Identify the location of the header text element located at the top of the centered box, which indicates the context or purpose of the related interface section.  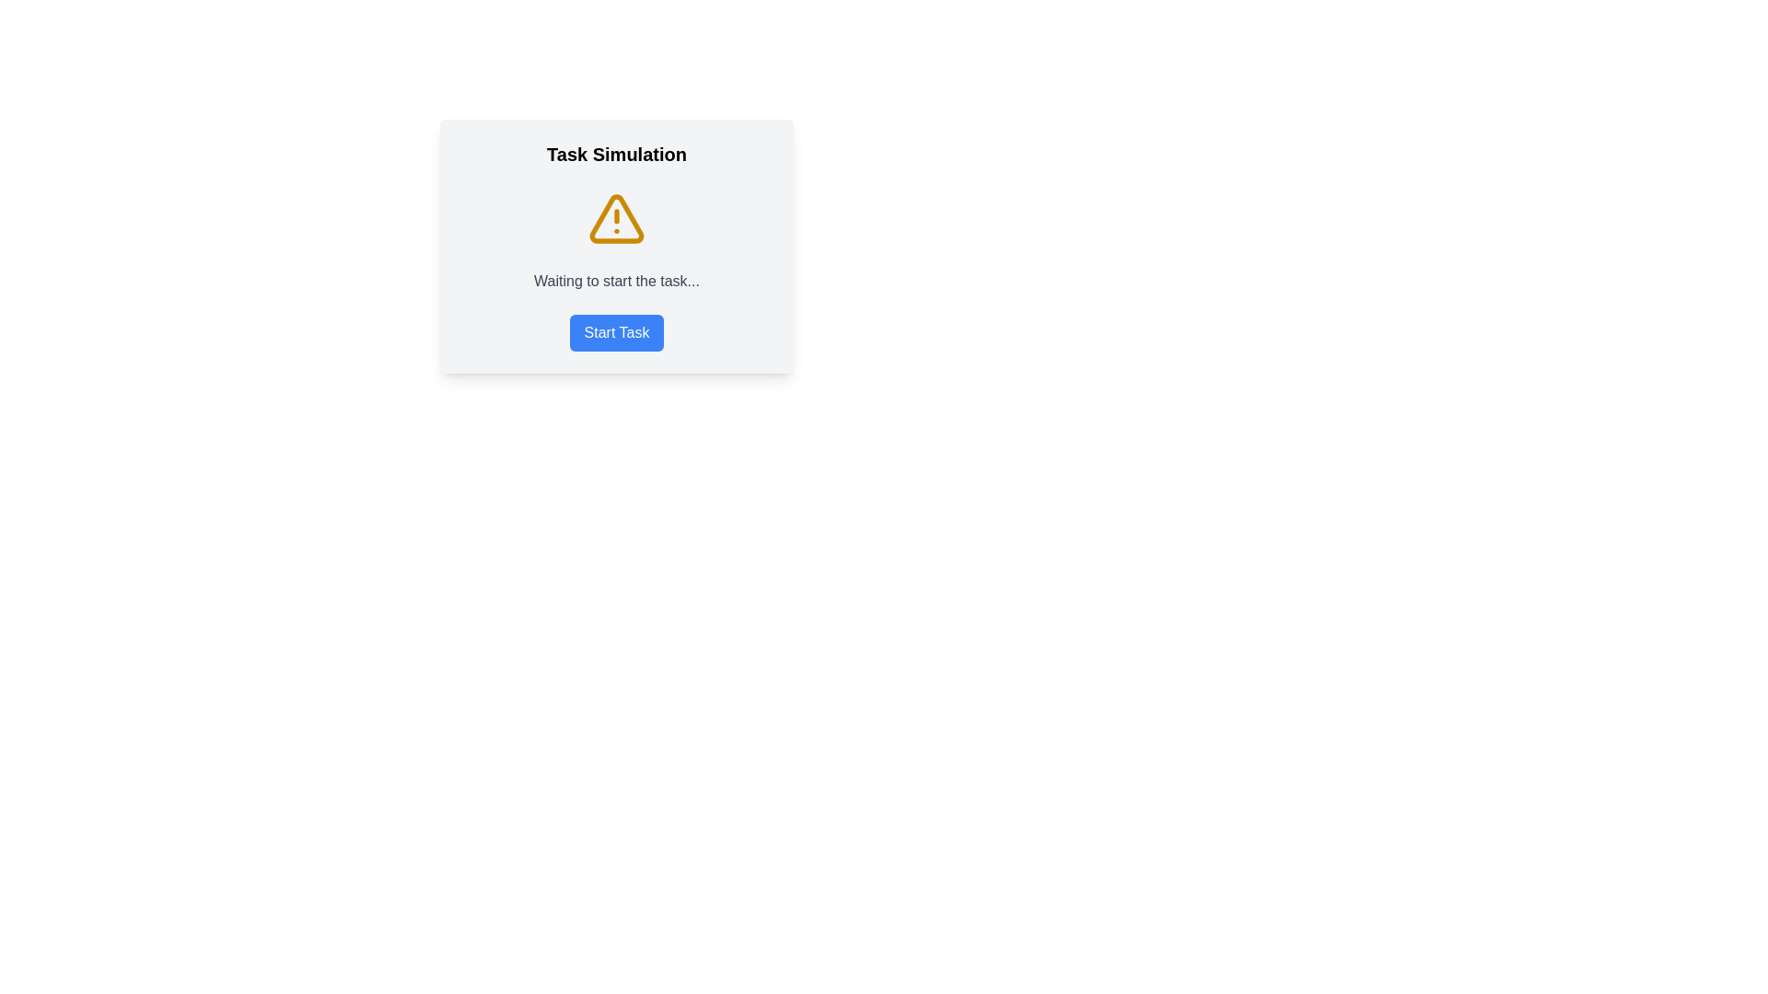
(617, 154).